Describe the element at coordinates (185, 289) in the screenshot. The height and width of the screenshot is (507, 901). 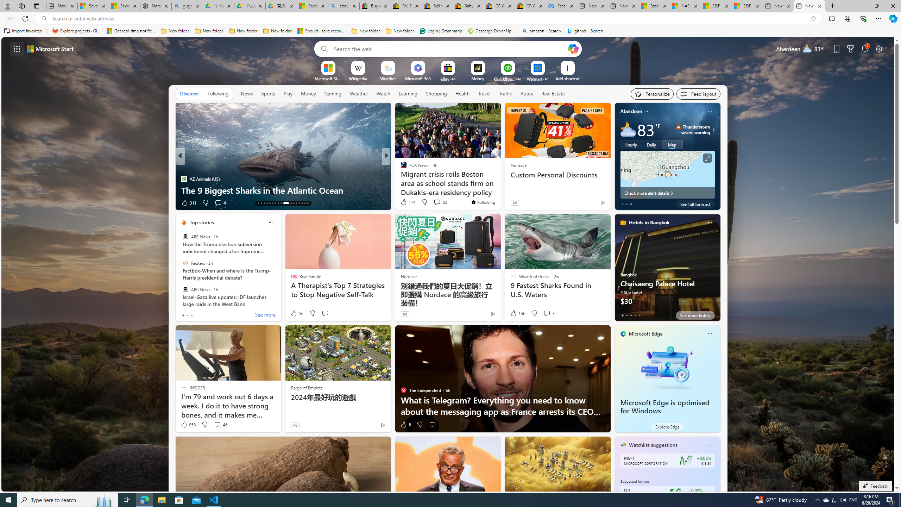
I see `'ABC News'` at that location.